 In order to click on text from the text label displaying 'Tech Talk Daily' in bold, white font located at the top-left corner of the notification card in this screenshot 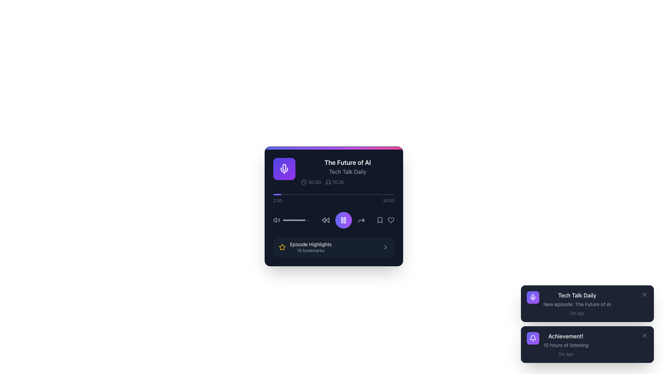, I will do `click(577, 295)`.